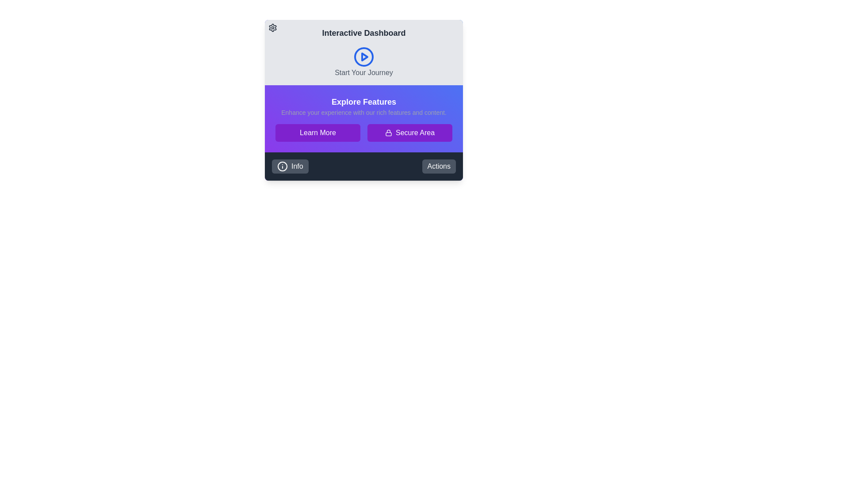 Image resolution: width=849 pixels, height=477 pixels. I want to click on the play button located centrally below 'Interactive Dashboard' and above 'Start Your Journey' to initiate a video or animation, so click(363, 57).